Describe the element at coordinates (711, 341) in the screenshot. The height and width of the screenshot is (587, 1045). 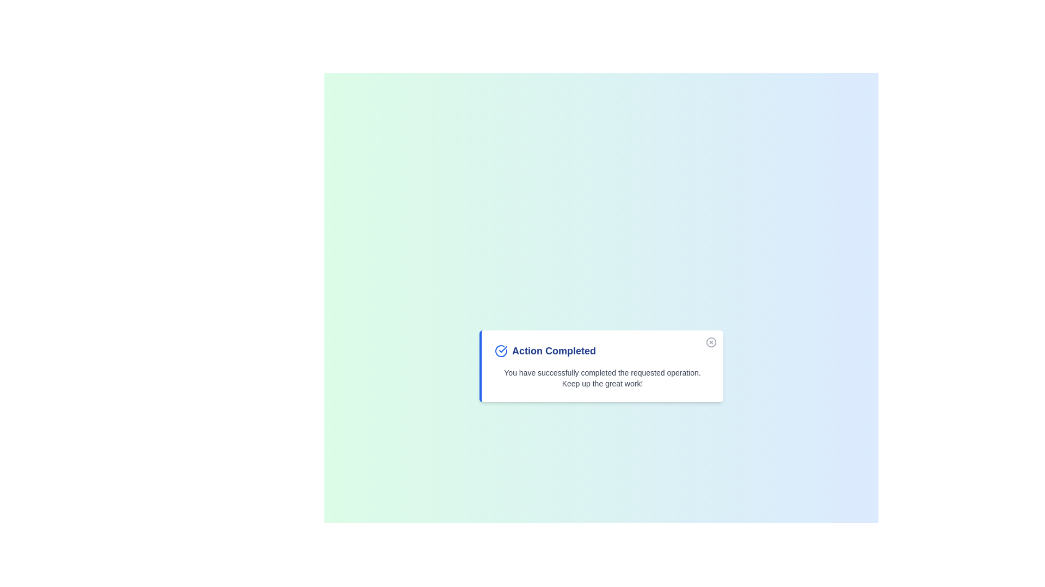
I see `the close icon button to hide the alert` at that location.